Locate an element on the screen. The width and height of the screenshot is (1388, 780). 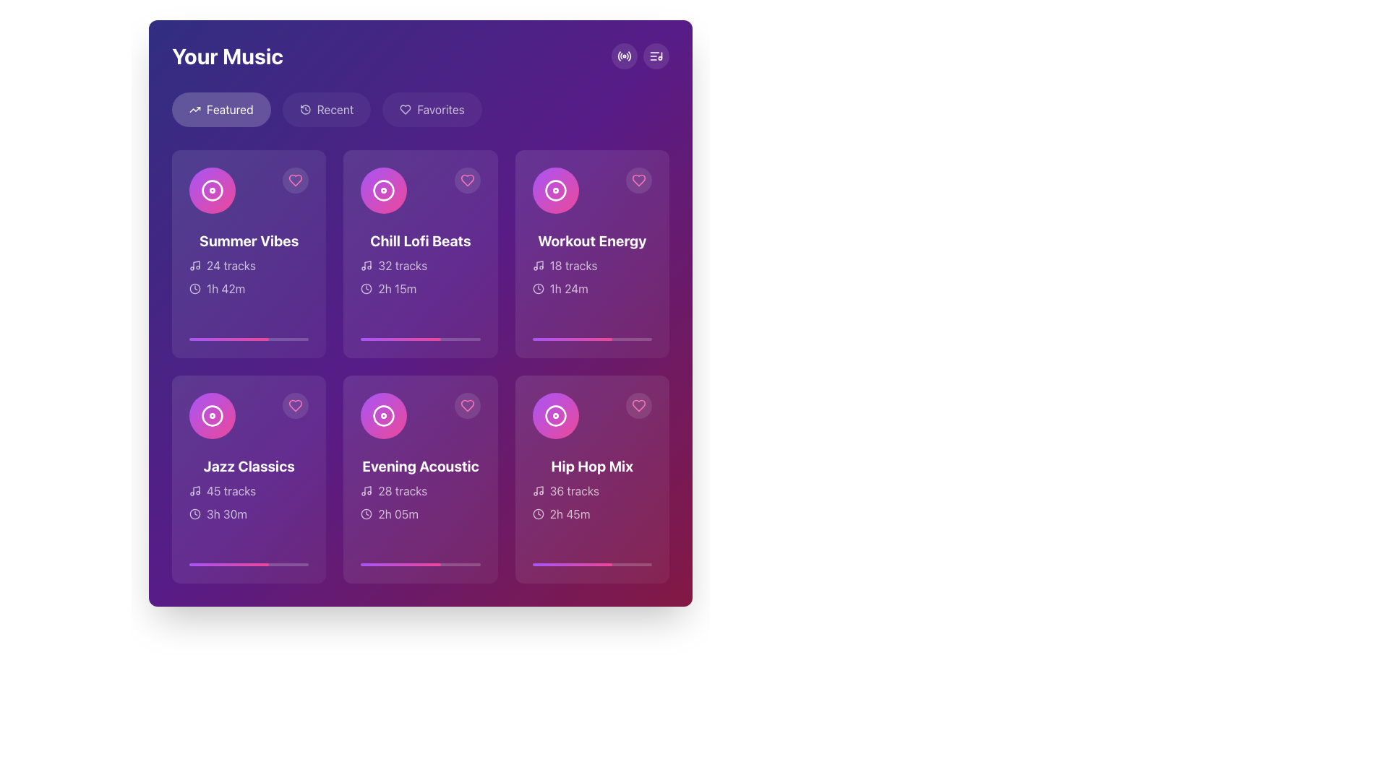
the circular gradient icon with a white disc at its center located in the upper-left region of the 'Evening Acoustic' card is located at coordinates (384, 415).